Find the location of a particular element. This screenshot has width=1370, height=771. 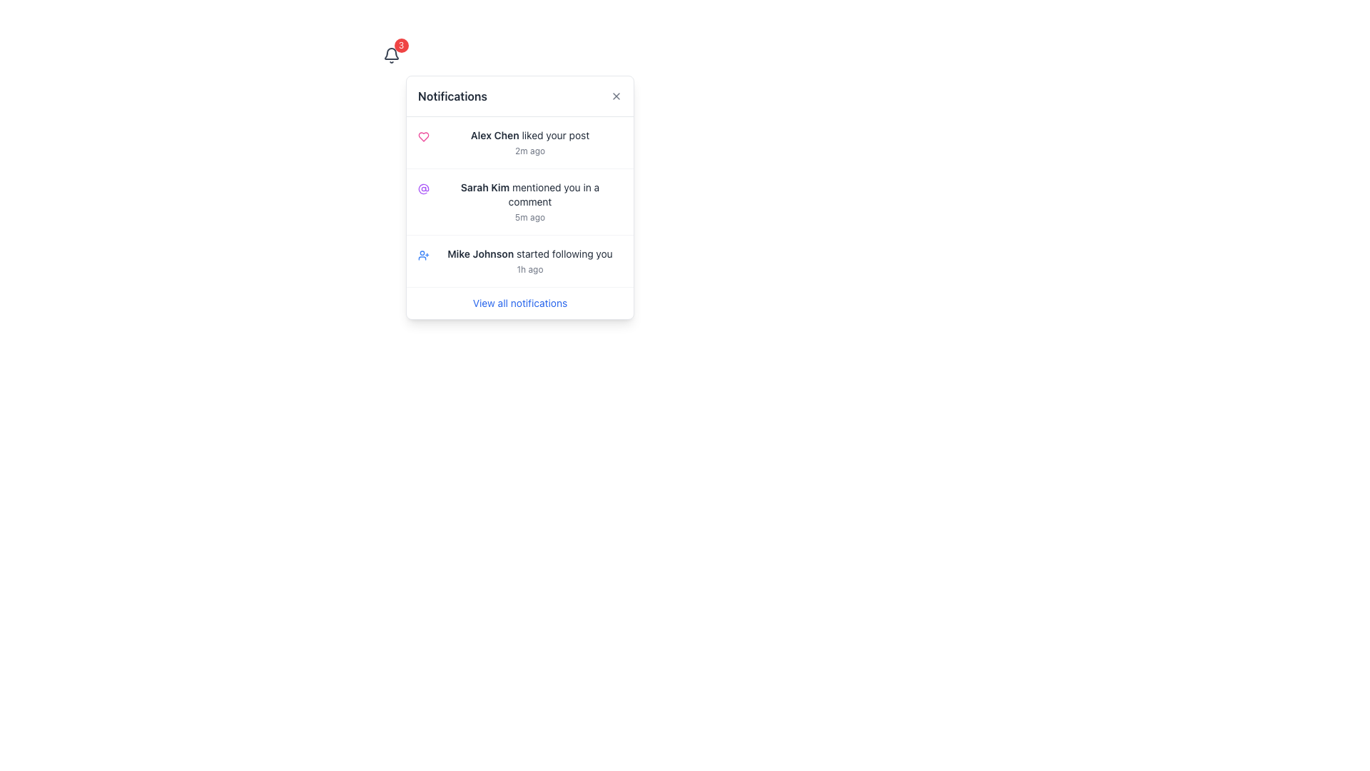

the pink heart icon indicating a 'like' action, which is located at the beginning of the first notification item preceding the text 'Alex Chen liked your post.' is located at coordinates (423, 137).